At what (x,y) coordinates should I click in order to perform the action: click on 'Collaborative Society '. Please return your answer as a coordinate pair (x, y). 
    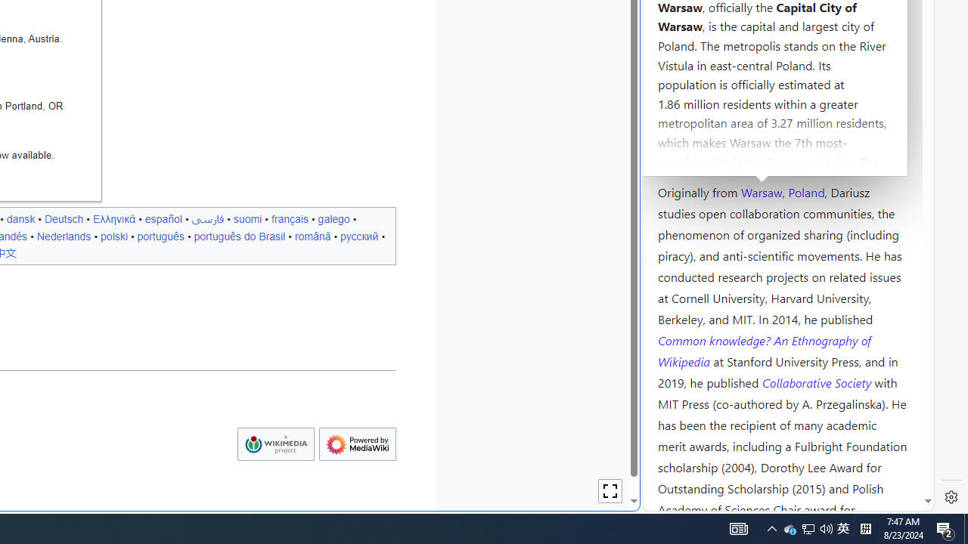
    Looking at the image, I should click on (818, 381).